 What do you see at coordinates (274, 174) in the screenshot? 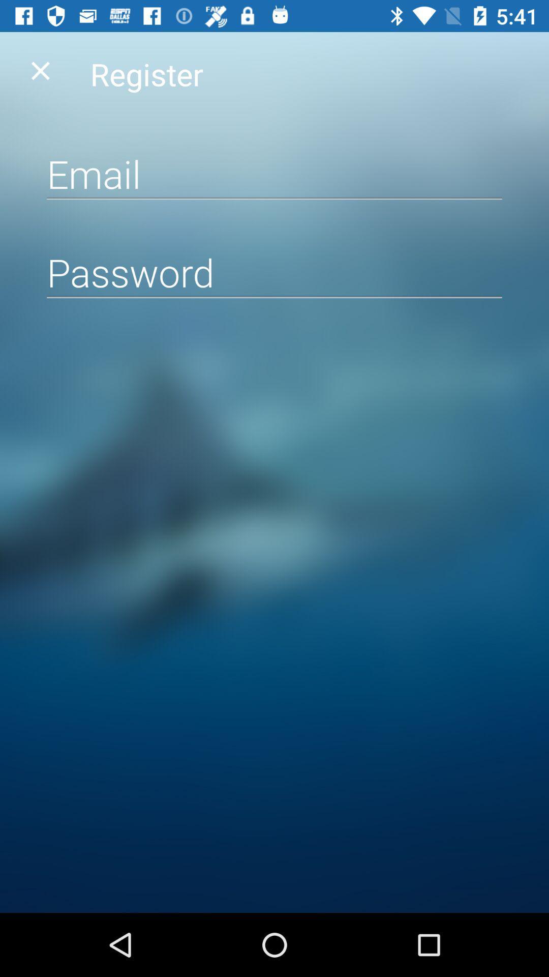
I see `the item below the register icon` at bounding box center [274, 174].